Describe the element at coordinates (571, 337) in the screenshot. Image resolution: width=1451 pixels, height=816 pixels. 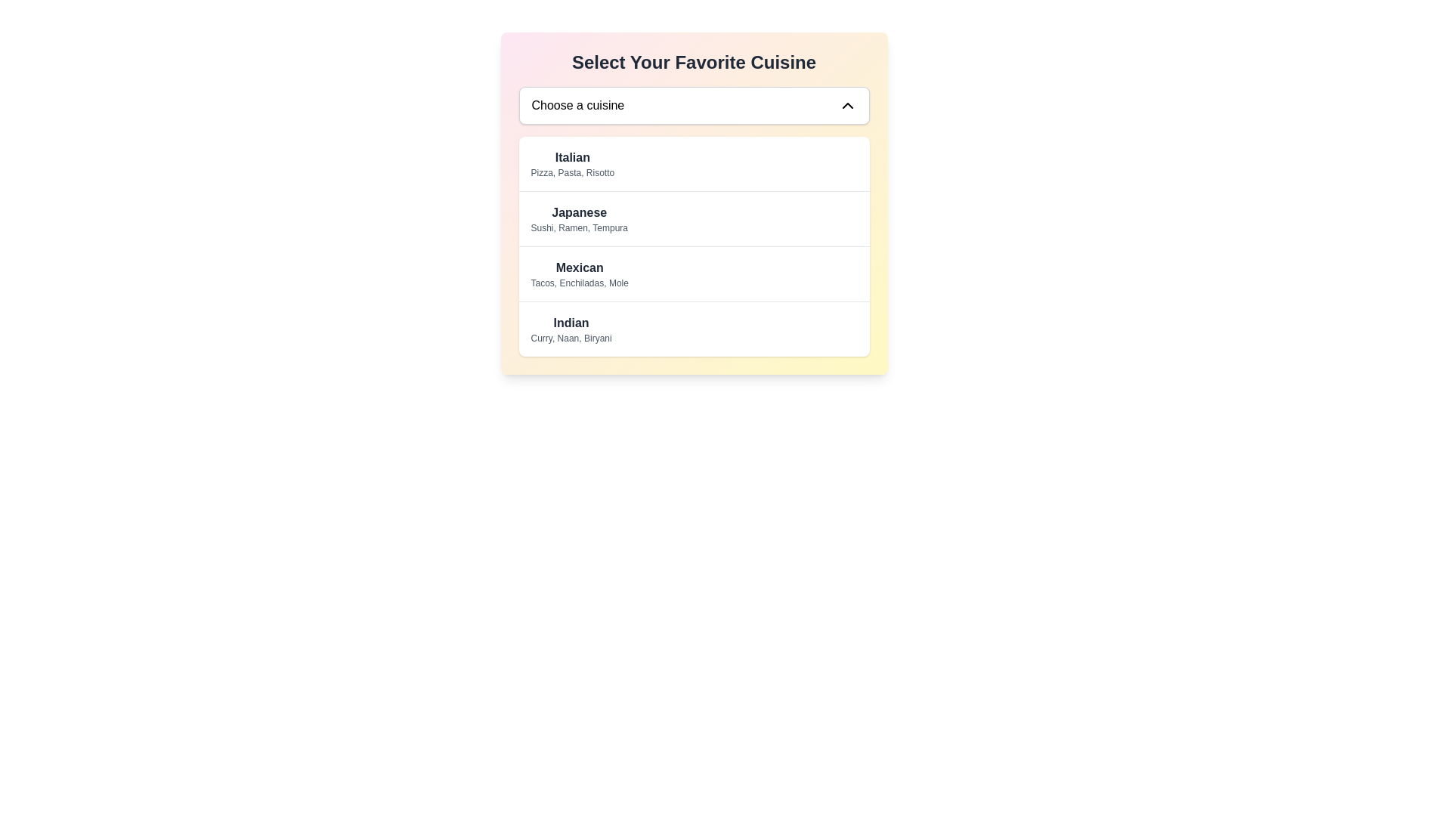
I see `the small, gray text label stating 'Curry, Naan, Biryani', which is positioned immediately beneath the bold label 'Indian' in the dropdown menu` at that location.